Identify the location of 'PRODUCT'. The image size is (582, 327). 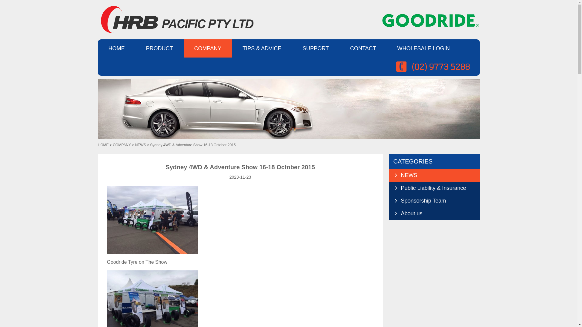
(159, 48).